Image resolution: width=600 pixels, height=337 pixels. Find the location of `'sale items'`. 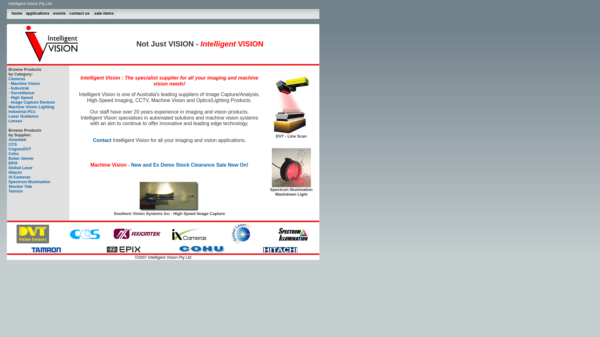

'sale items' is located at coordinates (92, 13).